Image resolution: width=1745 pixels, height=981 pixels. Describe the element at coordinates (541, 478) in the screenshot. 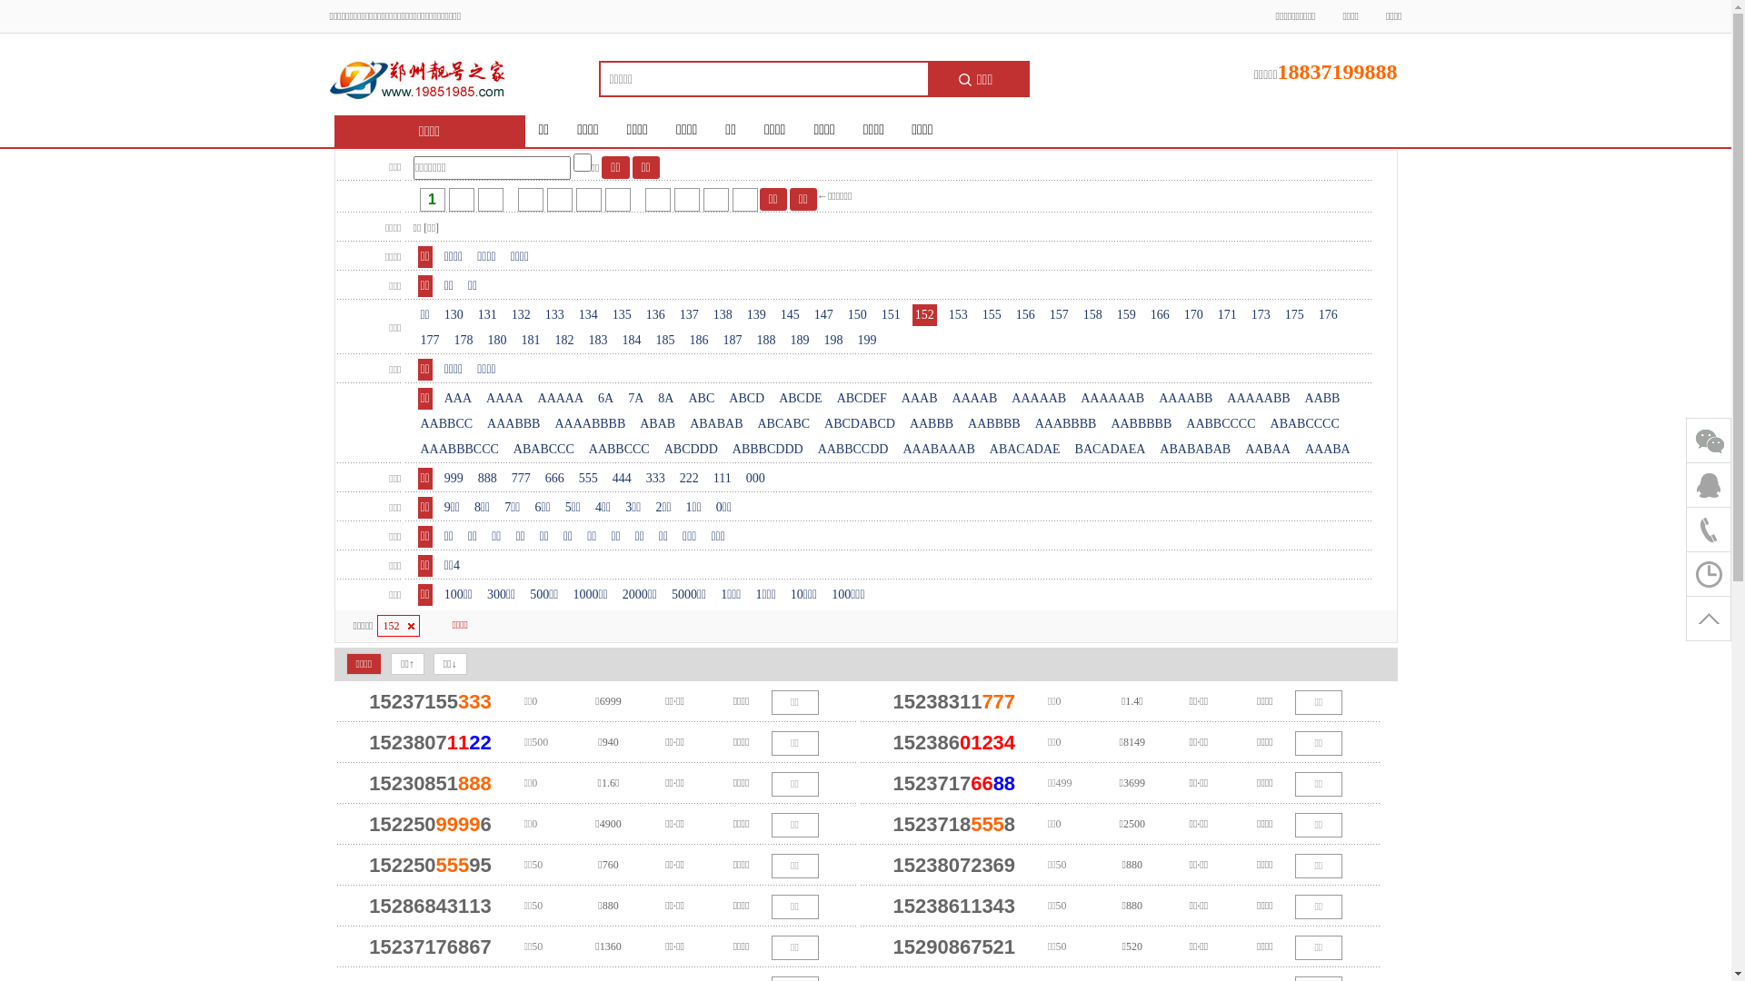

I see `'666'` at that location.